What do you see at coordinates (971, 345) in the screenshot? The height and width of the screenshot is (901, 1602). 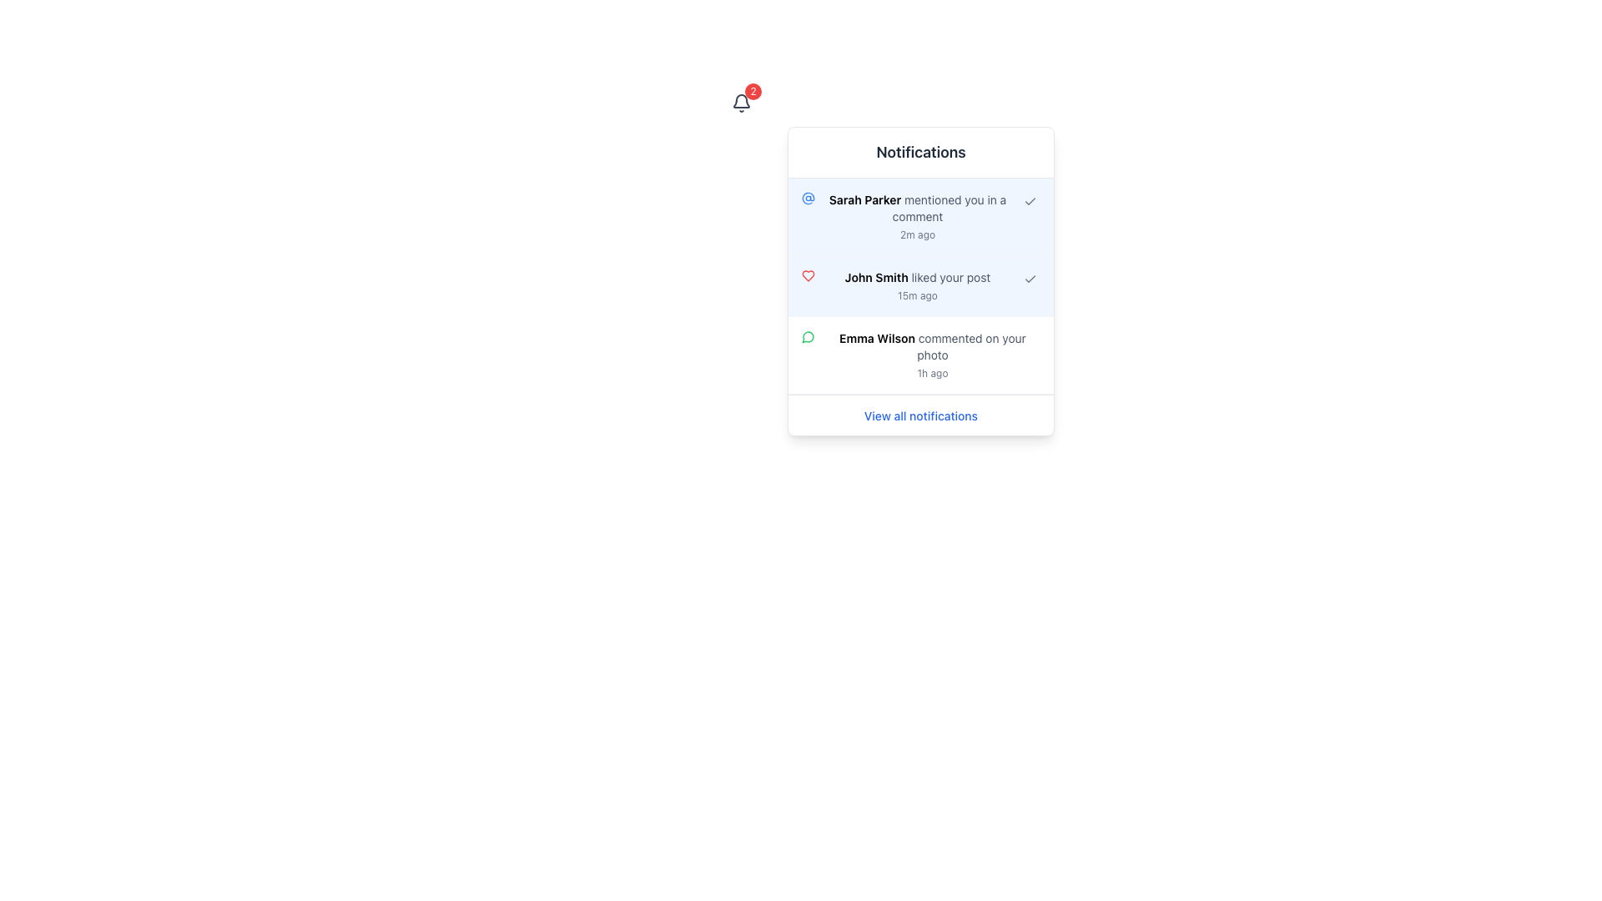 I see `text that provides additional details about the action performed by 'Emma Wilson' in the notification, which specifies that she commented on a photo. This text is located to the right of 'Emma Wilson' in the third notification in the list` at bounding box center [971, 345].